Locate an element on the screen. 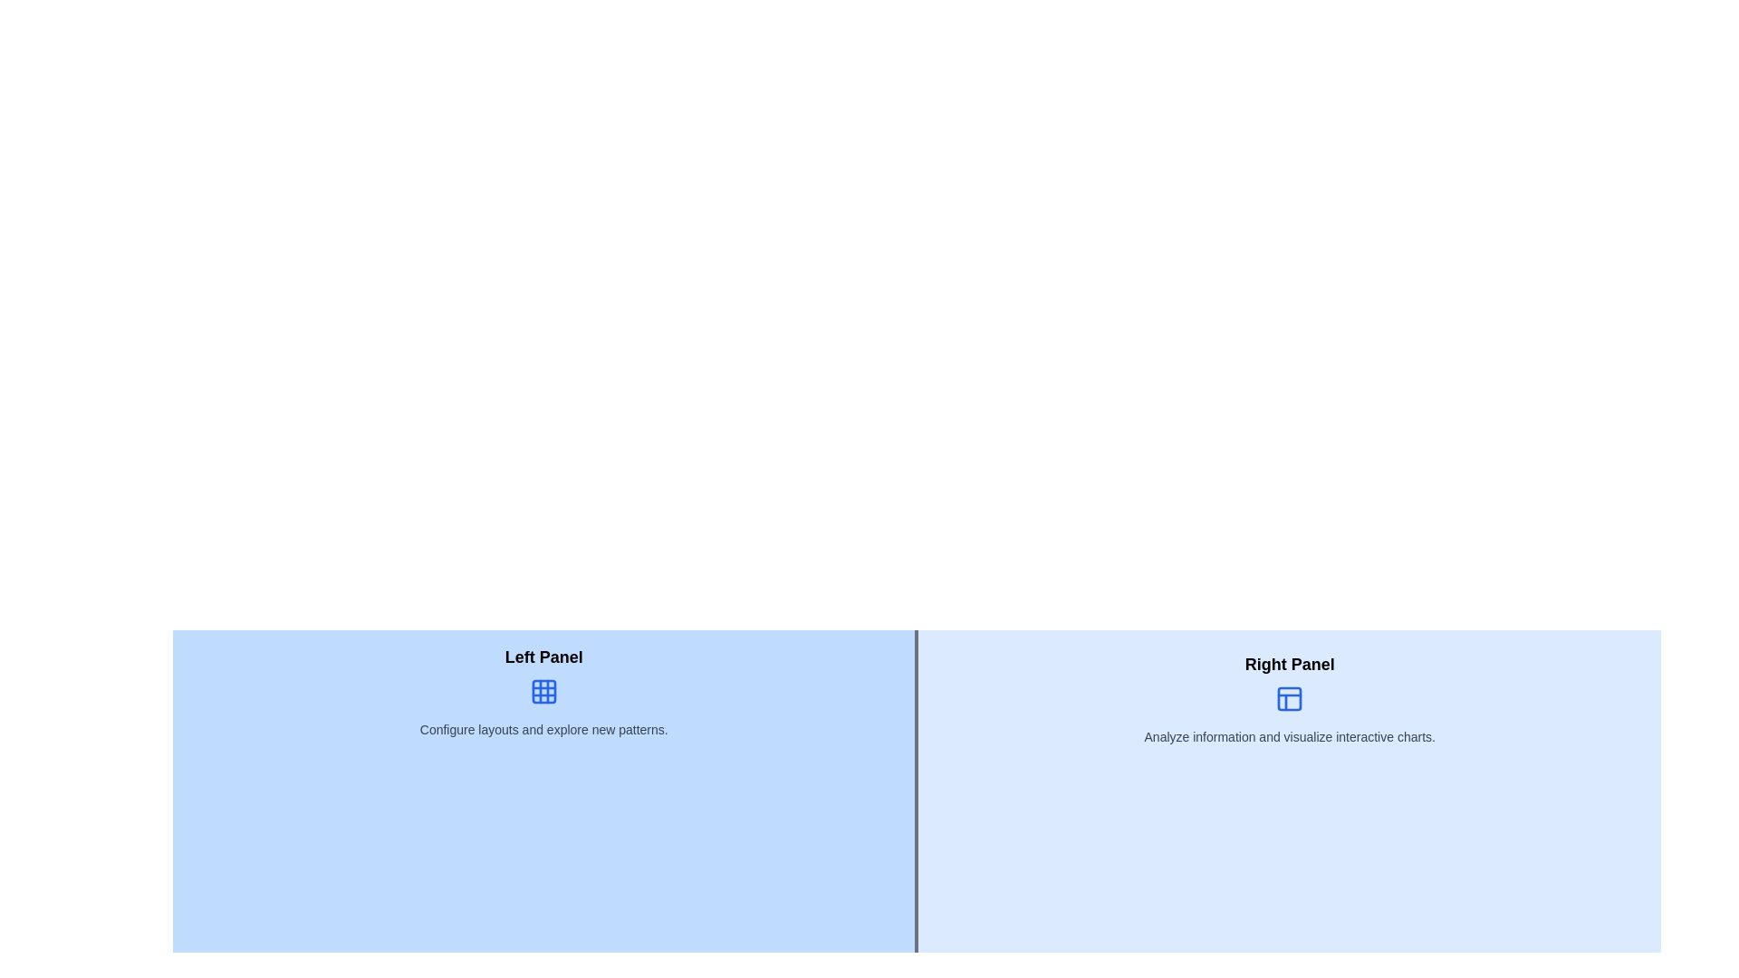 The image size is (1739, 978). the blue icon styled component located in the 'Right Panel' section, positioned below the 'Right Panel' label and above the description text is located at coordinates (1289, 697).